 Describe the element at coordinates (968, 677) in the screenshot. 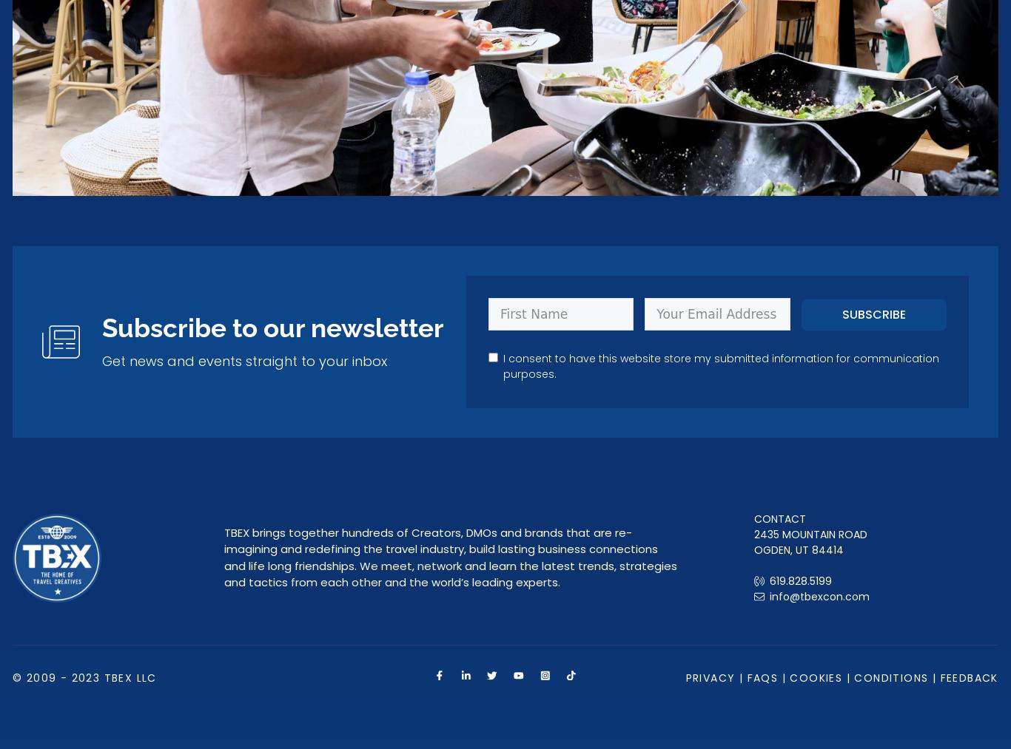

I see `'Feedback'` at that location.